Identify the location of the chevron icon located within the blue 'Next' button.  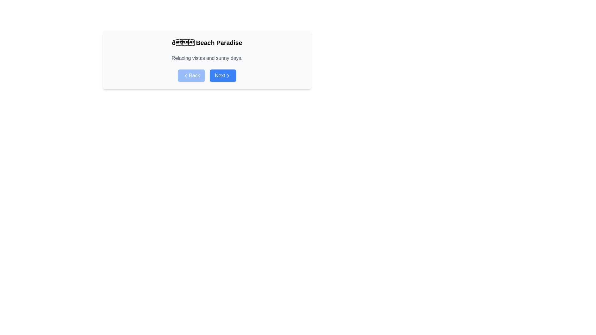
(228, 75).